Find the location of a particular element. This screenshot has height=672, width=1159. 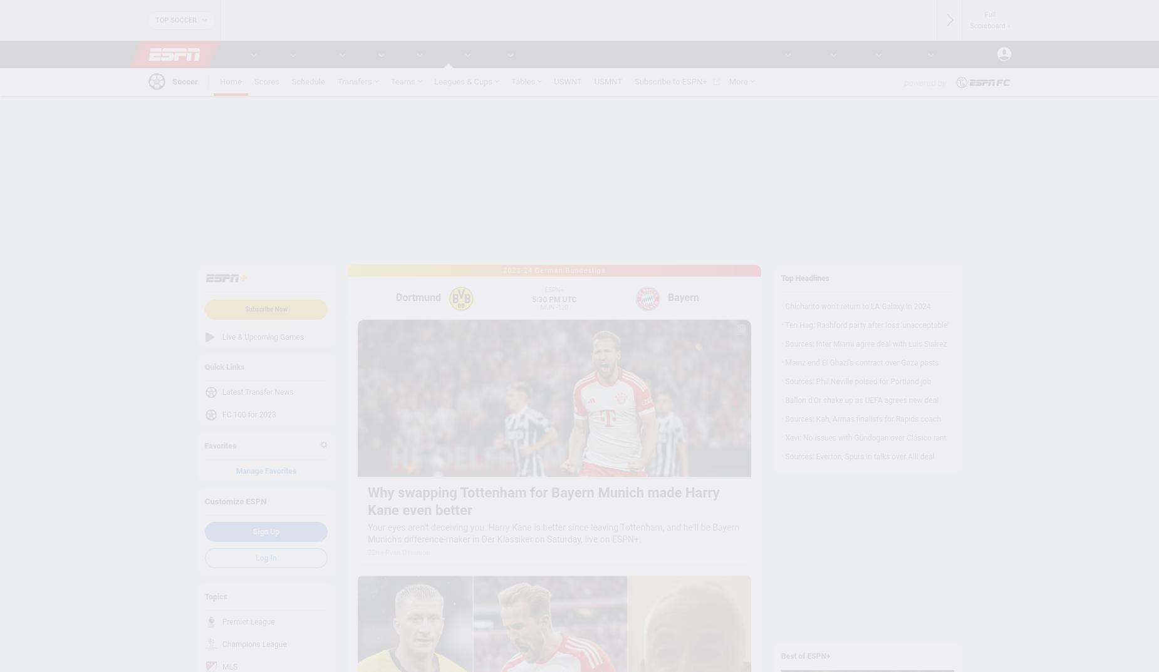

'Latest Transfer News' is located at coordinates (257, 392).